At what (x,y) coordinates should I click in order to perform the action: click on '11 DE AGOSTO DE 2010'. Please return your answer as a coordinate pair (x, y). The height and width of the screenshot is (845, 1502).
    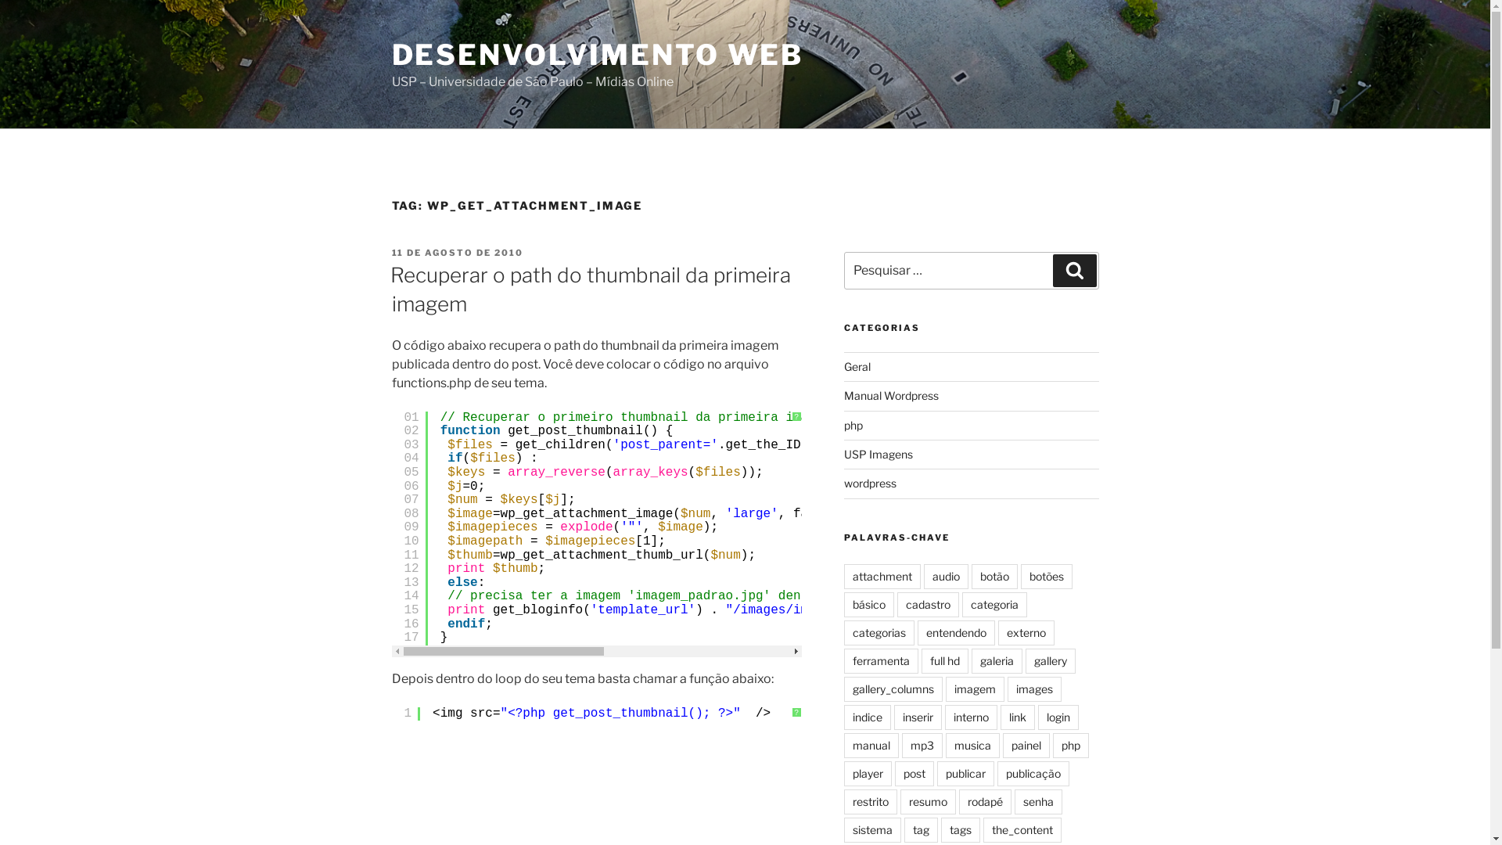
    Looking at the image, I should click on (390, 252).